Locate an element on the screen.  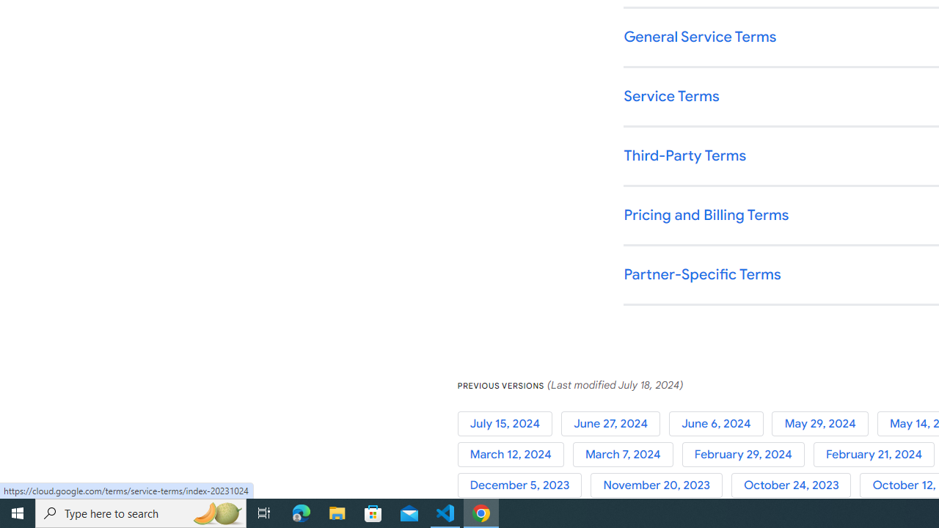
'December 5, 2023' is located at coordinates (524, 485).